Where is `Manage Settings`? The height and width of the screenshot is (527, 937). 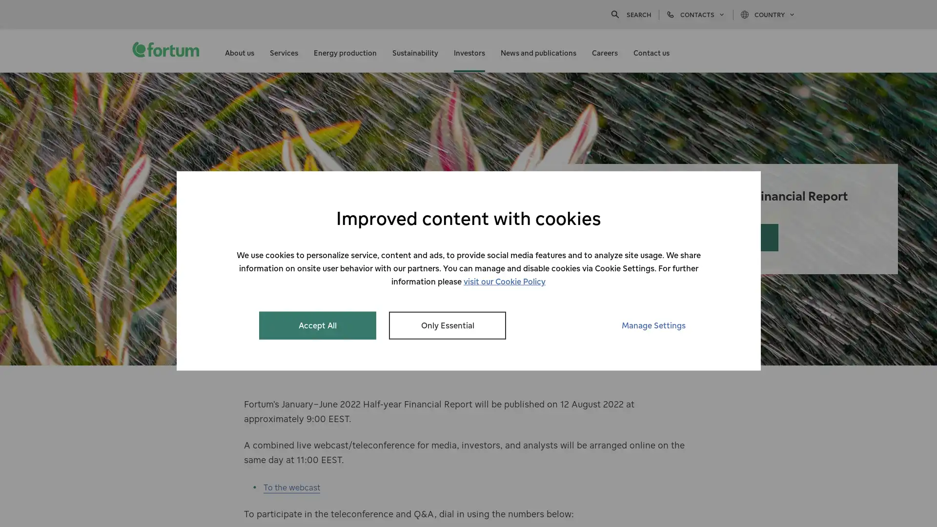 Manage Settings is located at coordinates (653, 325).